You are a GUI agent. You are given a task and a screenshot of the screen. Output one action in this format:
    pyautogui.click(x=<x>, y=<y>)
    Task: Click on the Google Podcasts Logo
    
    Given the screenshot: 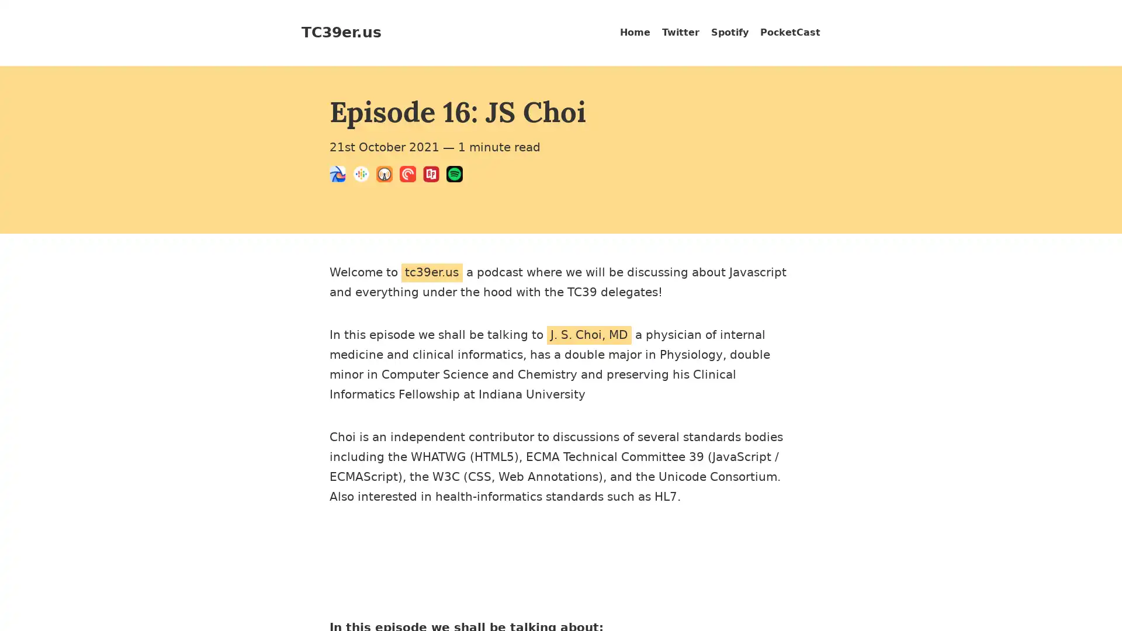 What is the action you would take?
    pyautogui.click(x=364, y=176)
    